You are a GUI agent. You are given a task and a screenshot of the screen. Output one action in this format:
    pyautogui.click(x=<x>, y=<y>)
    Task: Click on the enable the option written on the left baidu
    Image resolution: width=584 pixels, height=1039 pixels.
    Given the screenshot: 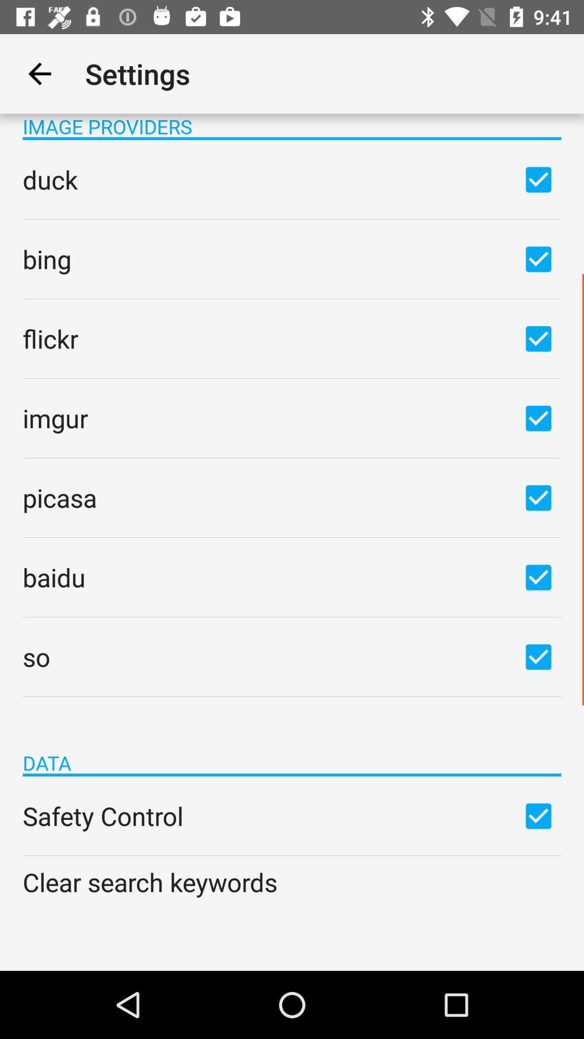 What is the action you would take?
    pyautogui.click(x=538, y=576)
    